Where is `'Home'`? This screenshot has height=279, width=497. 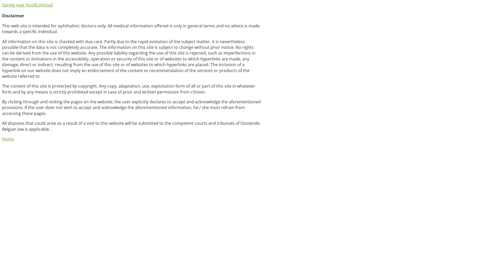
'Home' is located at coordinates (2, 138).